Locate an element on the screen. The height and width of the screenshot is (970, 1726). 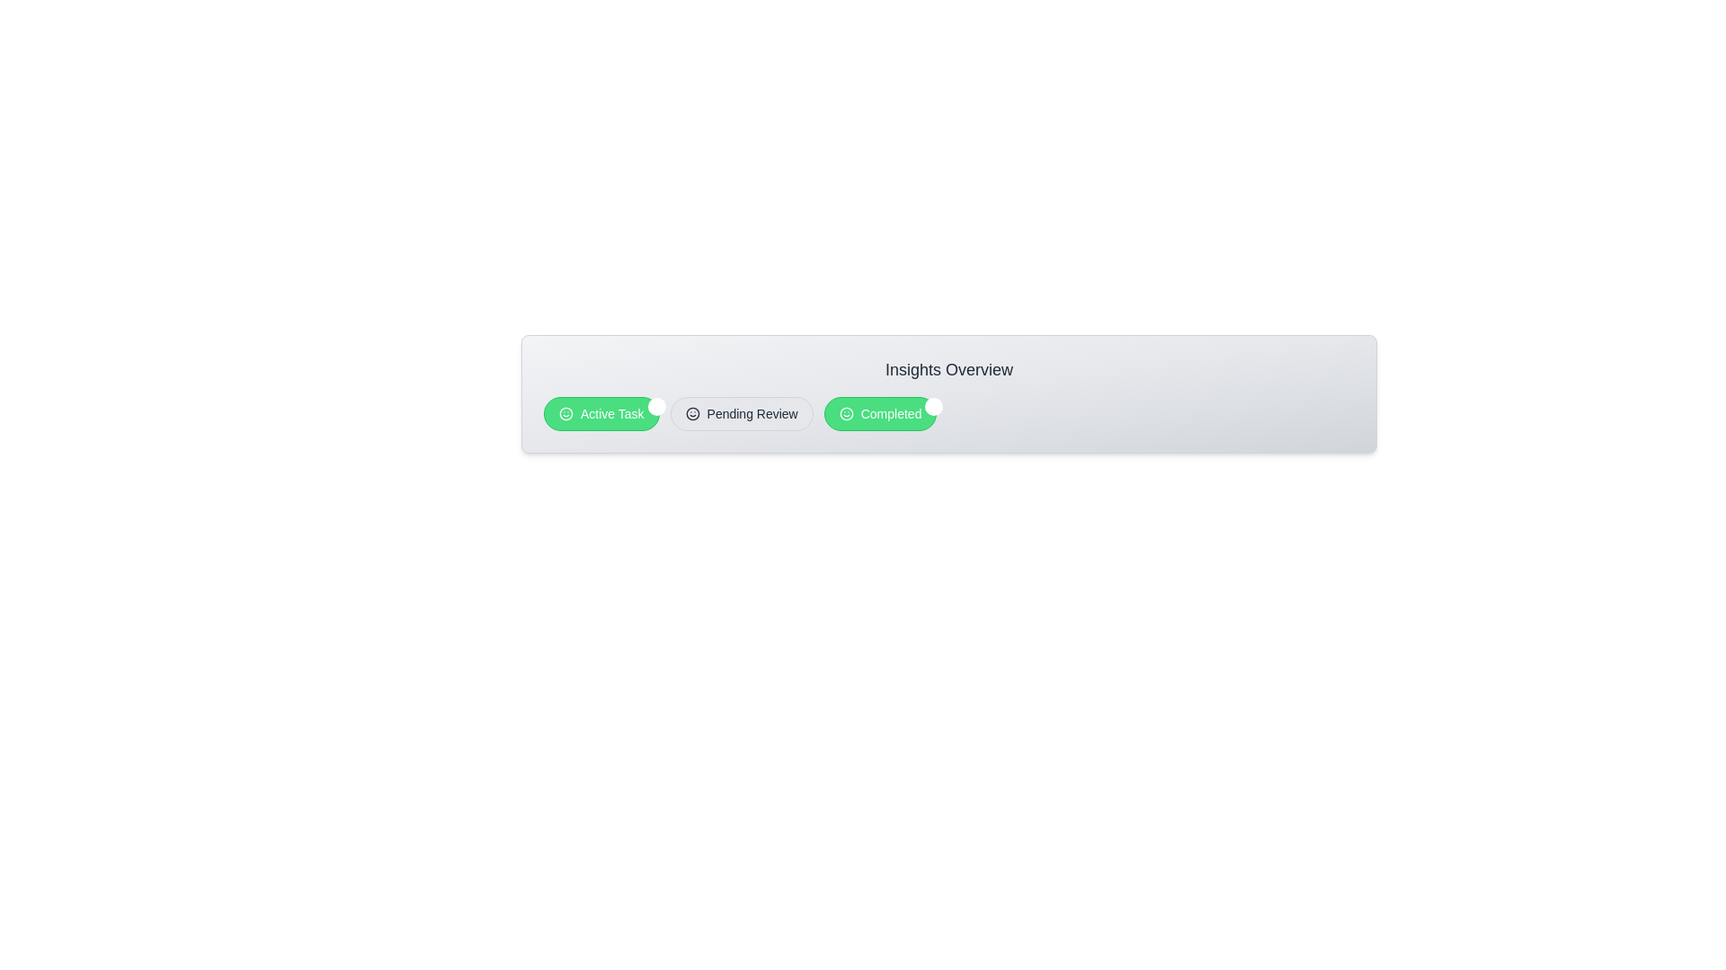
the chip labeled 'Pending Review' is located at coordinates (742, 414).